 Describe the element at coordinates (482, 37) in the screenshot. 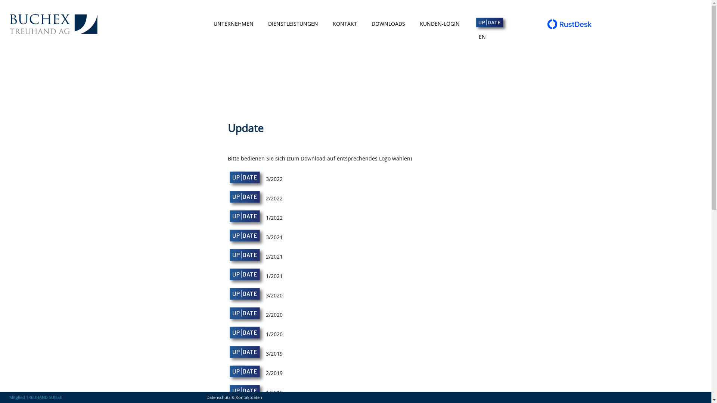

I see `'EN'` at that location.